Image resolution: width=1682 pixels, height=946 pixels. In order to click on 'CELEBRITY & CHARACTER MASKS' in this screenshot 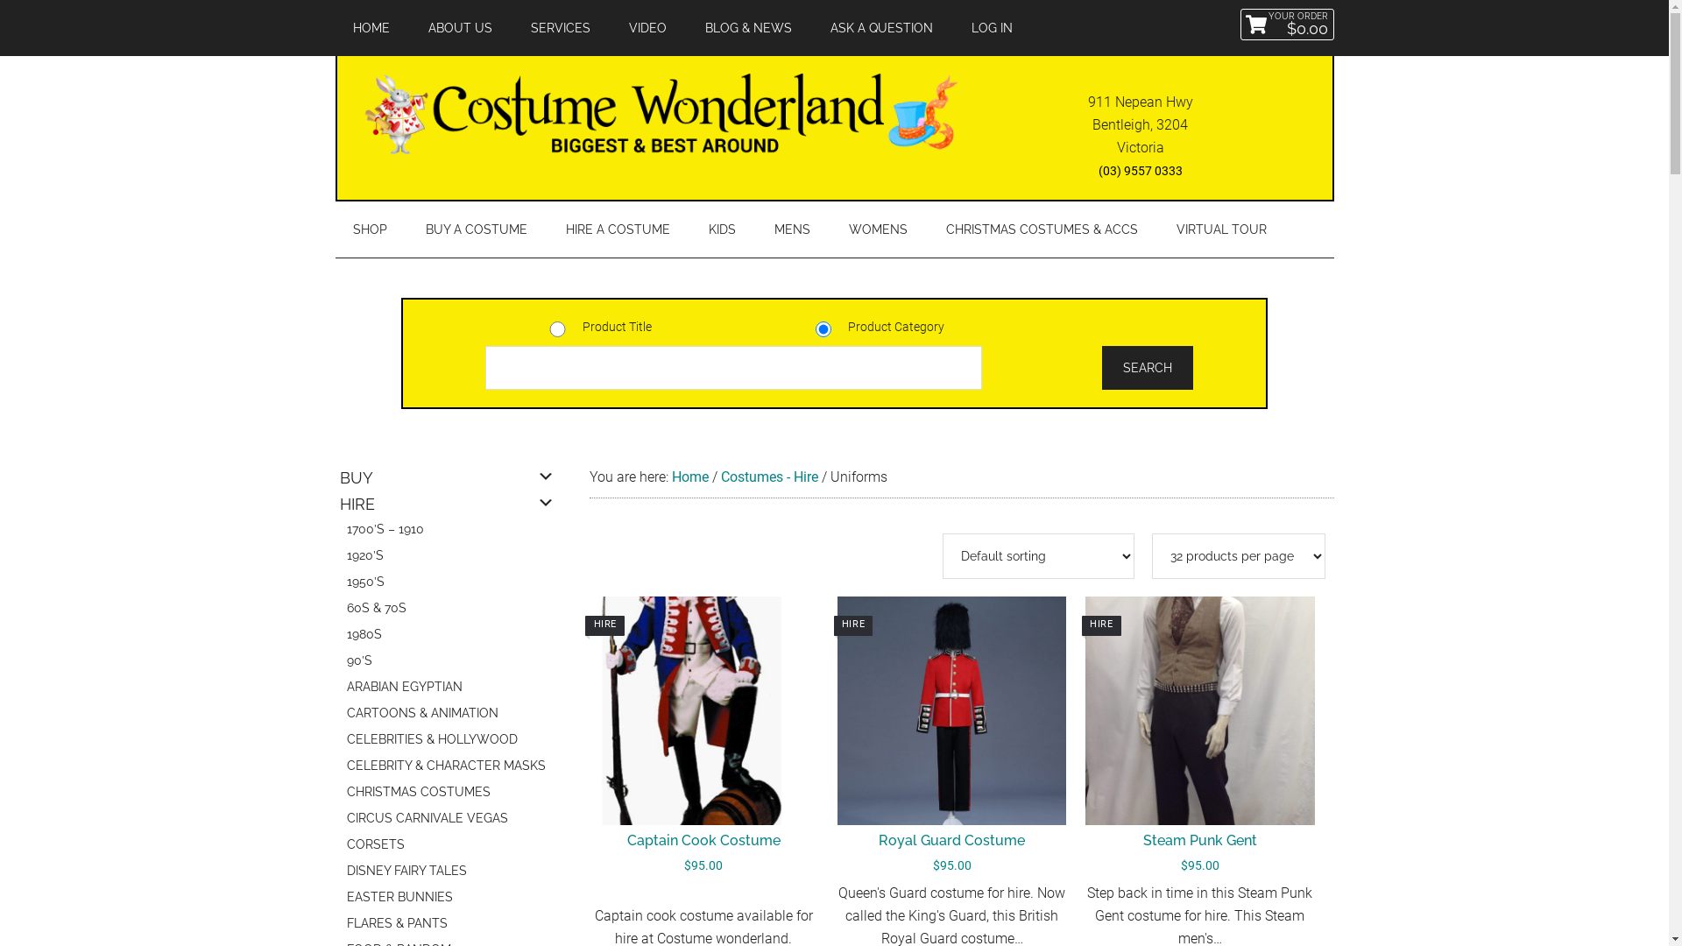, I will do `click(446, 766)`.